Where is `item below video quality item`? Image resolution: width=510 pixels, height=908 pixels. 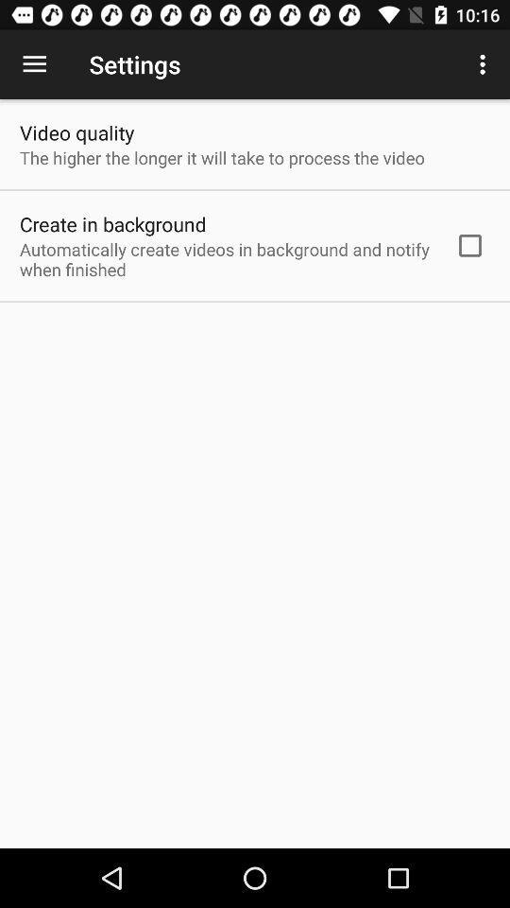
item below video quality item is located at coordinates (221, 156).